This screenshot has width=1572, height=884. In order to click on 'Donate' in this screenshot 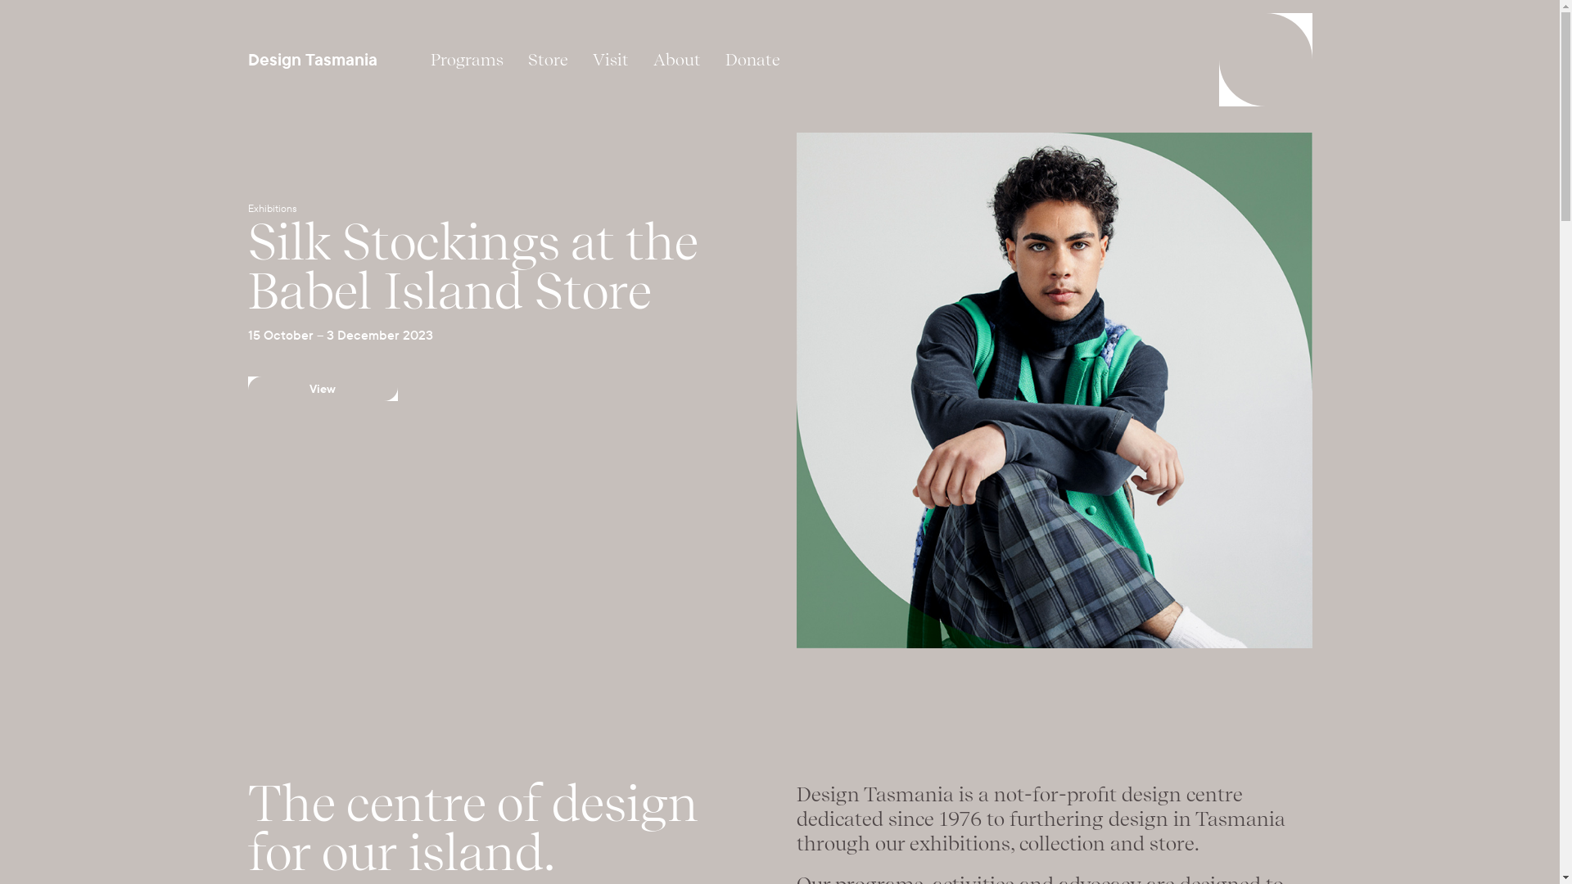, I will do `click(751, 59)`.